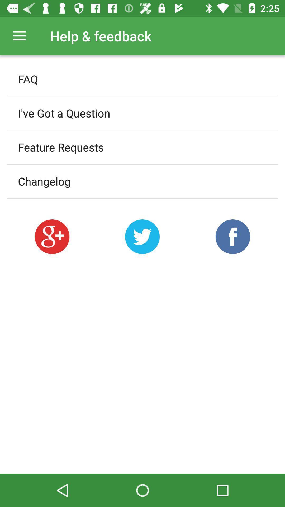  What do you see at coordinates (52, 236) in the screenshot?
I see `share on google plus` at bounding box center [52, 236].